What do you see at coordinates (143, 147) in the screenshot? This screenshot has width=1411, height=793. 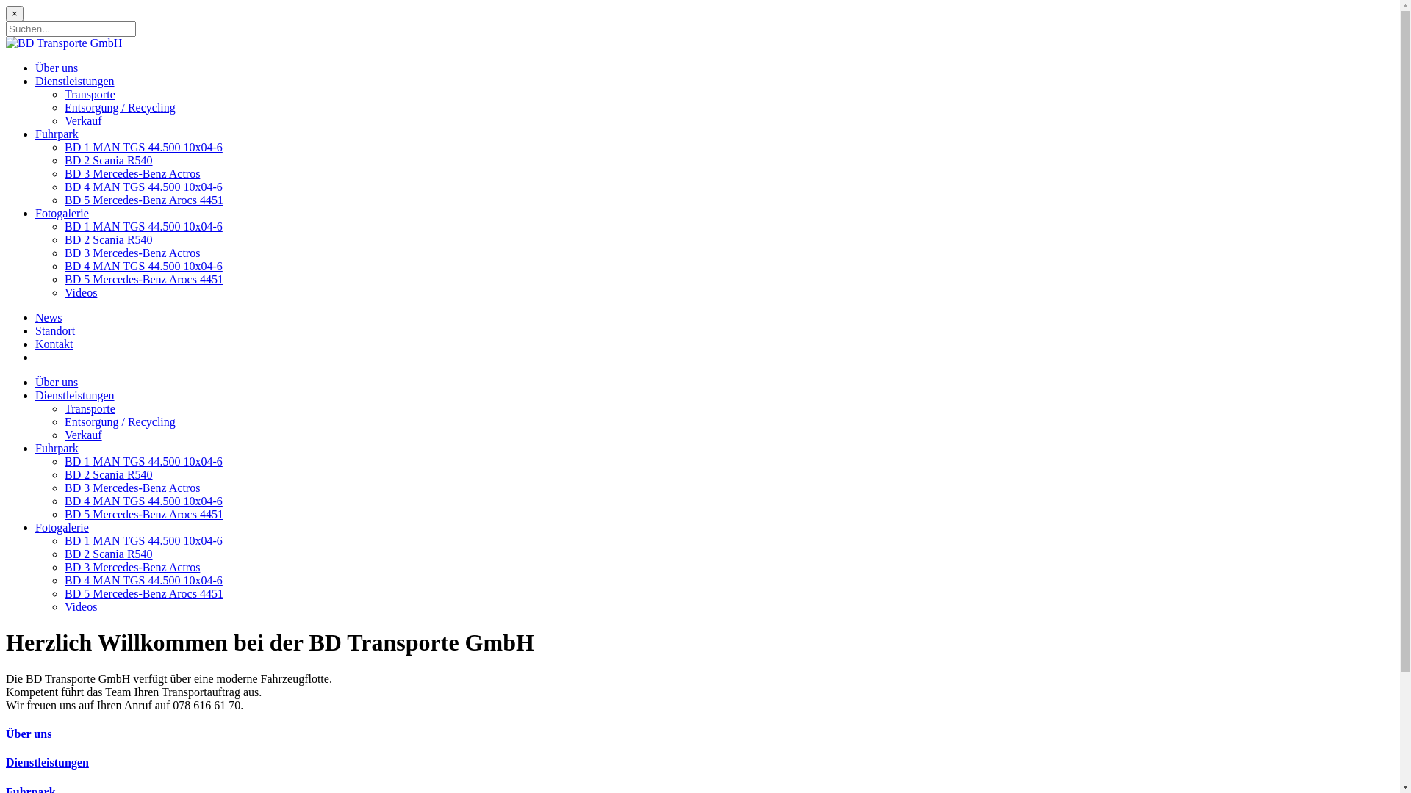 I see `'BD 1 MAN TGS 44.500 10x04-6'` at bounding box center [143, 147].